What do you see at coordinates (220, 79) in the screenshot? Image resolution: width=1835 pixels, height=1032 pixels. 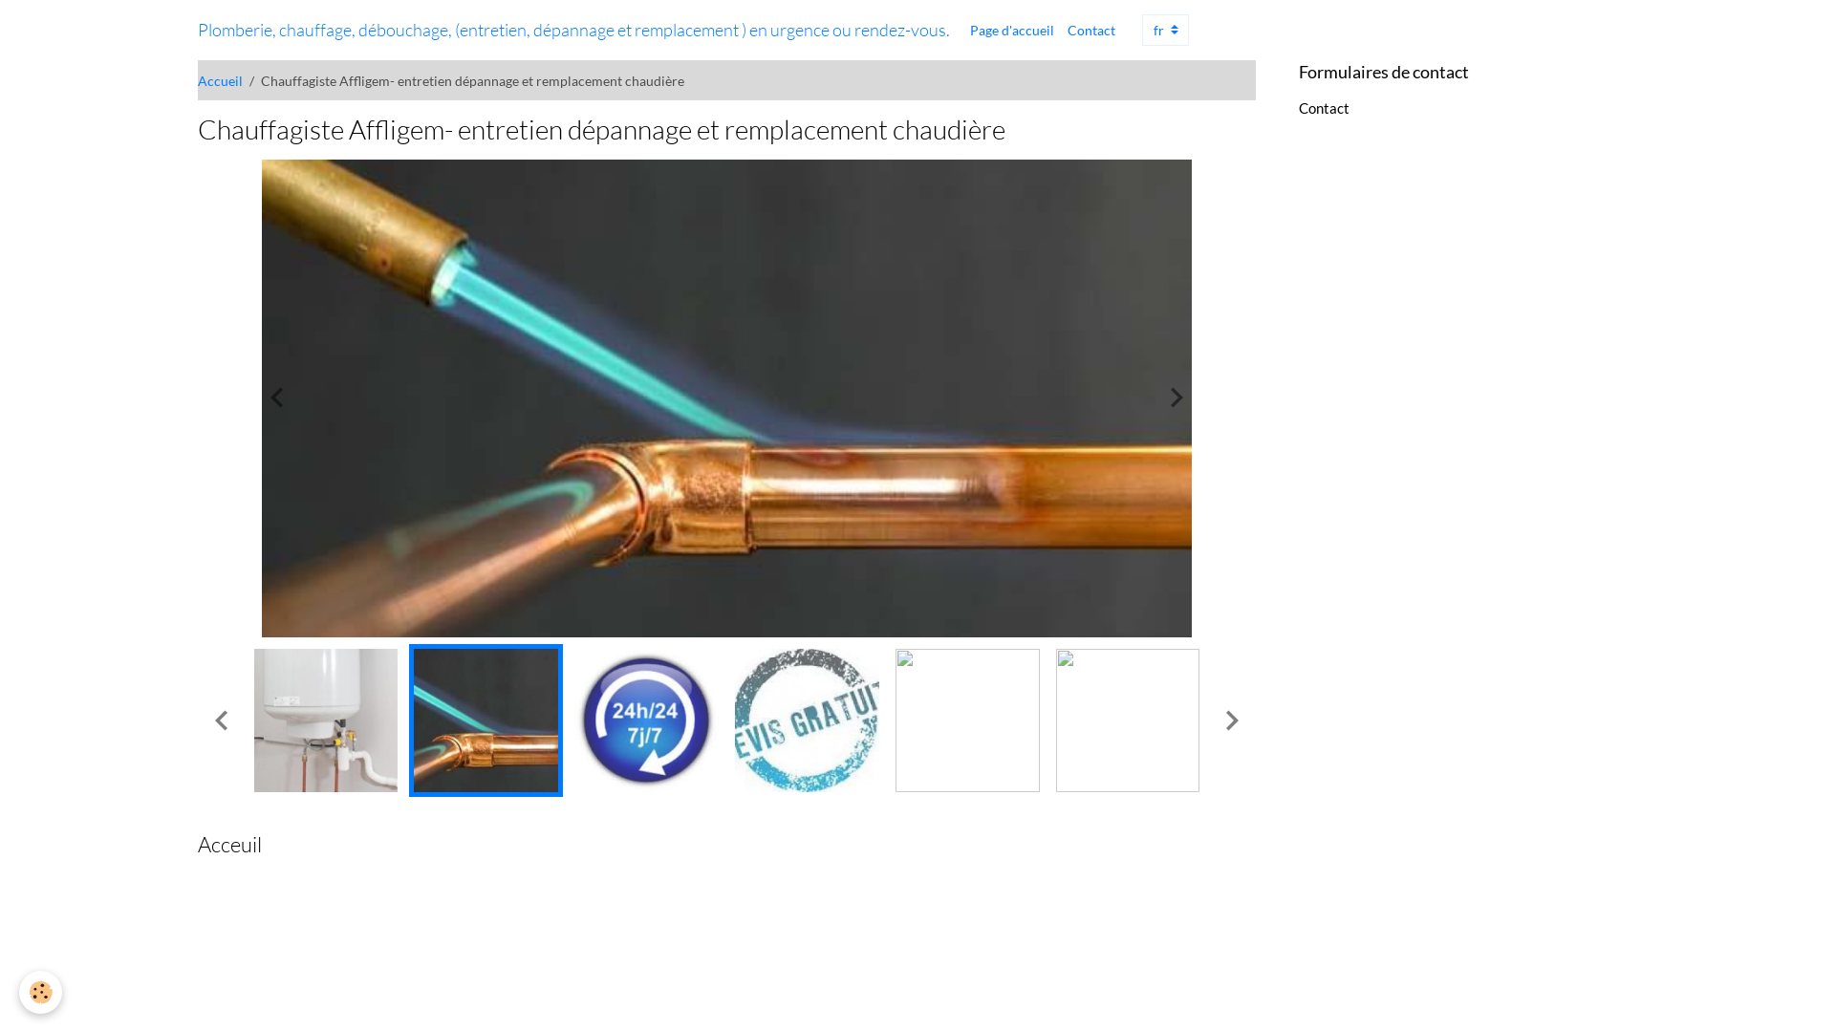 I see `'Accueil'` at bounding box center [220, 79].